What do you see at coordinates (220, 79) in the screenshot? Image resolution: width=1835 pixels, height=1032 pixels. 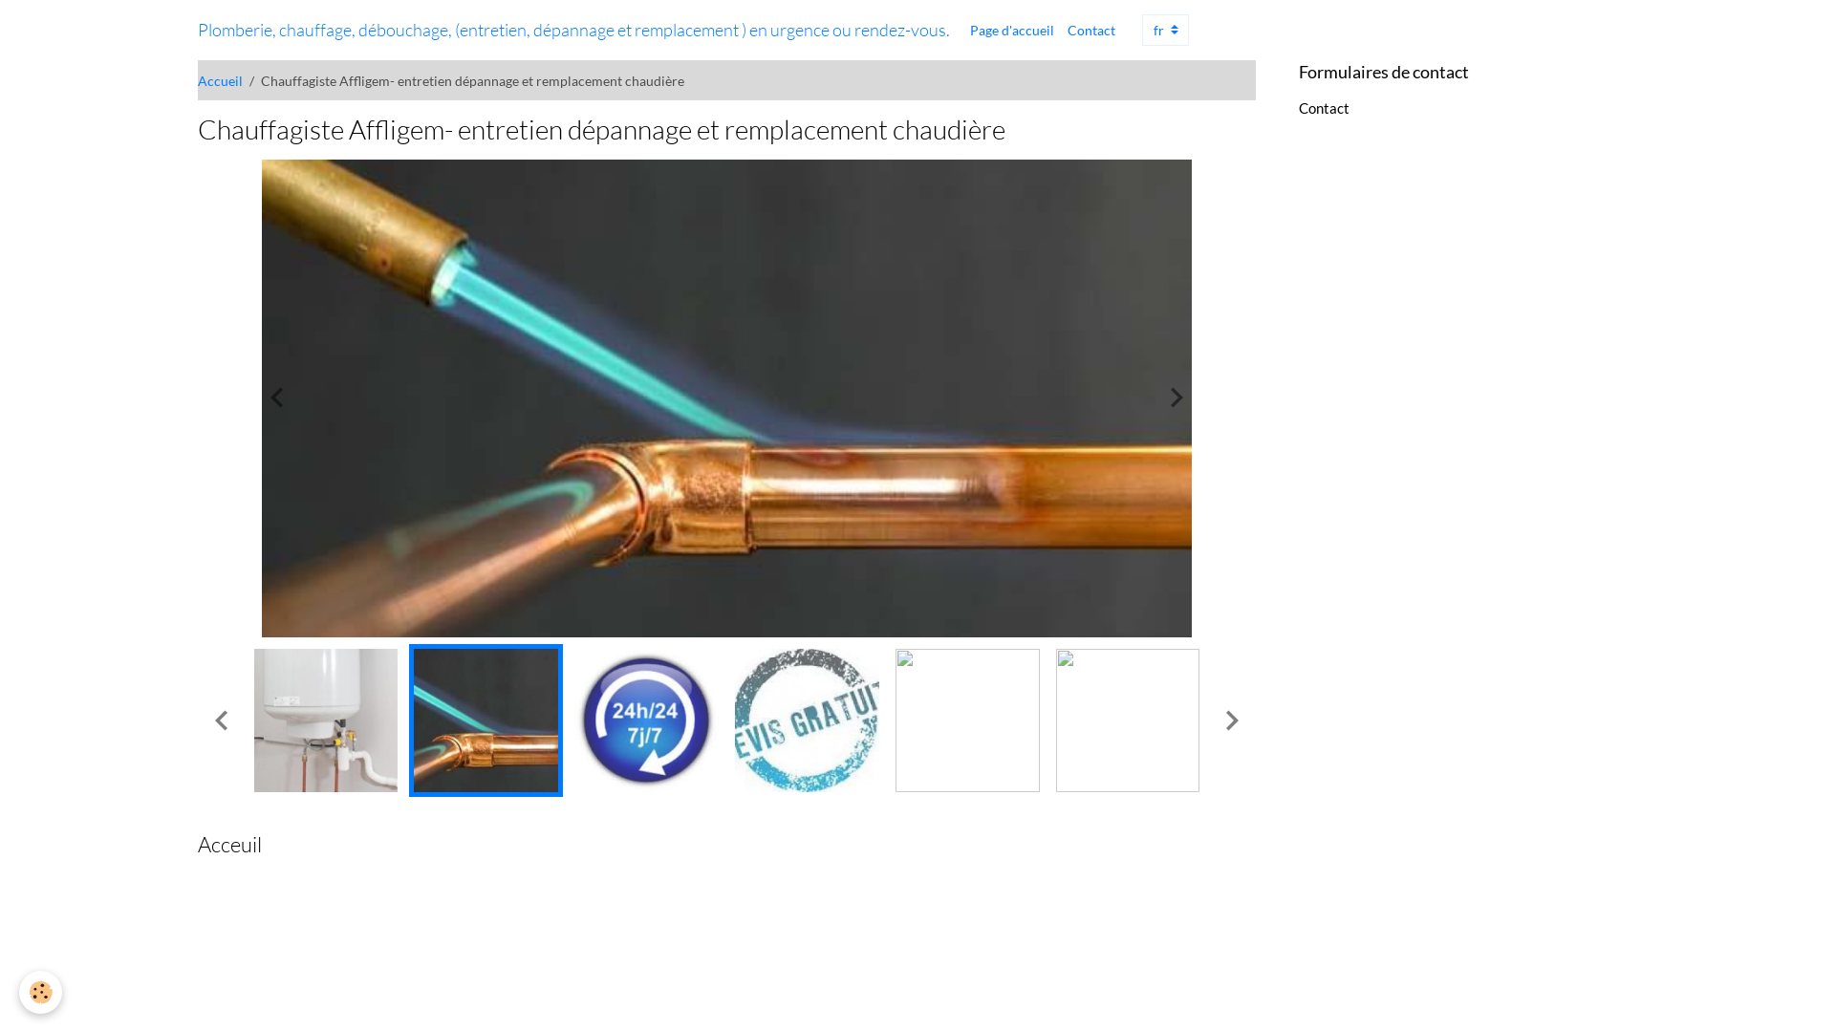 I see `'Accueil'` at bounding box center [220, 79].